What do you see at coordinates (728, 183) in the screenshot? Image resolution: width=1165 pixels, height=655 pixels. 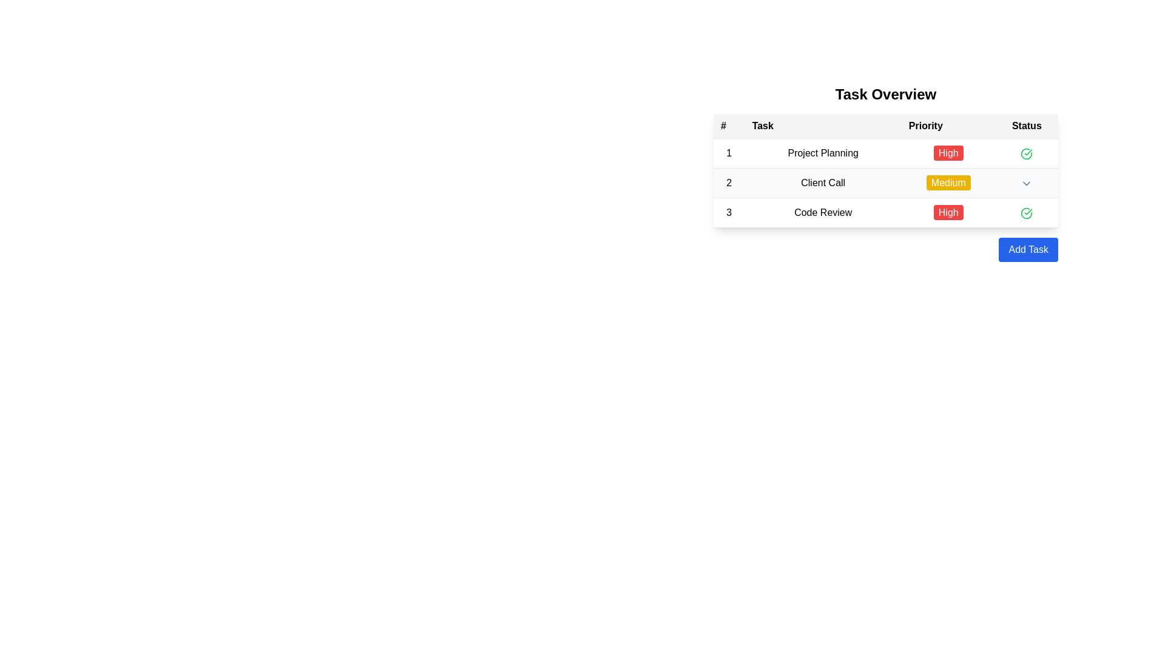 I see `the bold numeral '2' that is styled with padding and a border, located under the '#' column in the row for 'Client Call'` at bounding box center [728, 183].